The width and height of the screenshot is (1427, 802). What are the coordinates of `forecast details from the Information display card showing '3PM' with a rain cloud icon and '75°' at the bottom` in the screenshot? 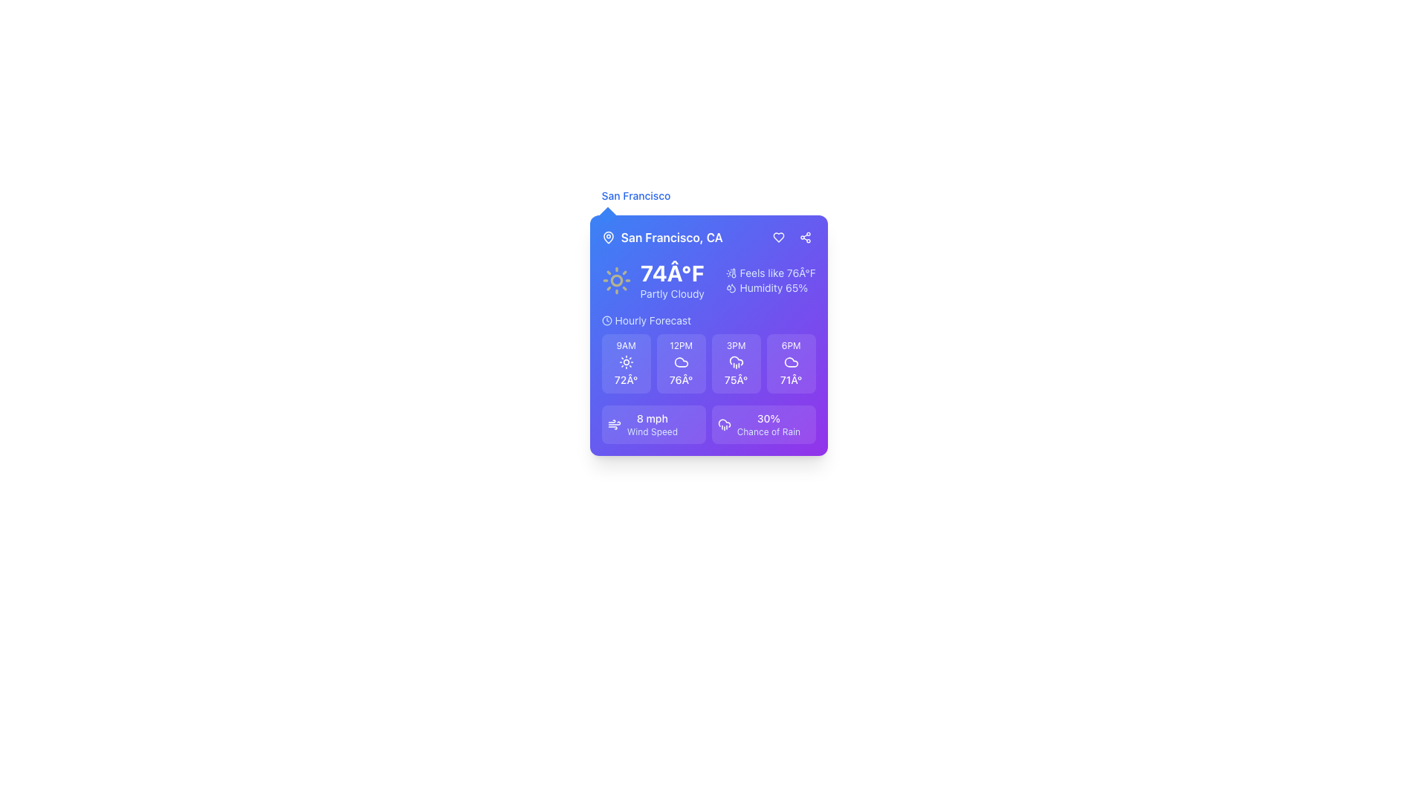 It's located at (736, 363).